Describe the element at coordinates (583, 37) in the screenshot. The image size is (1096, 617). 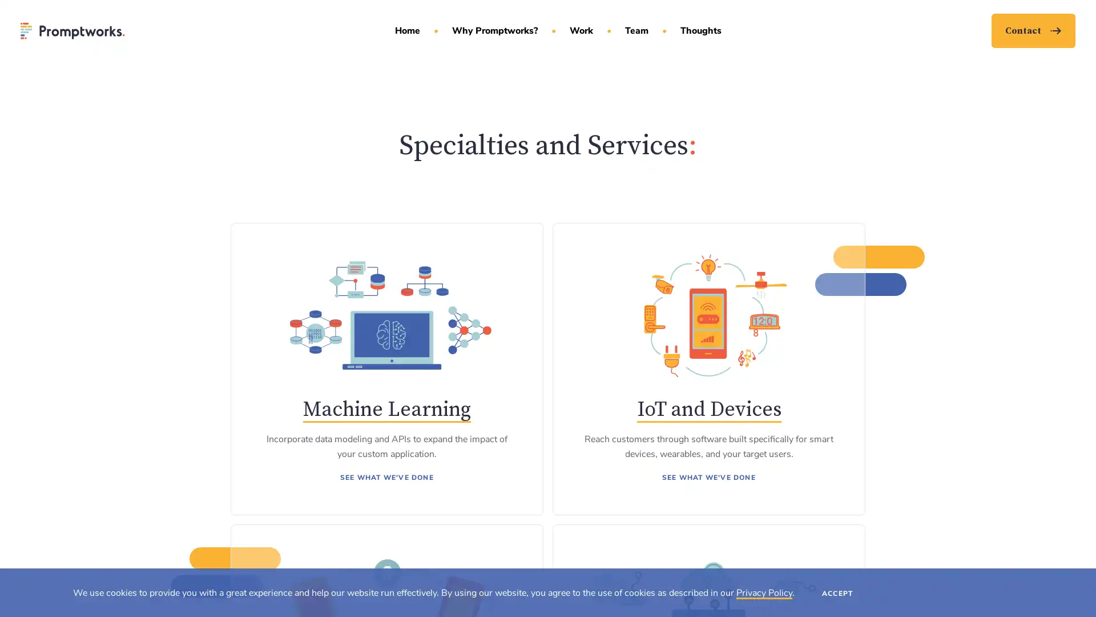
I see `Work` at that location.